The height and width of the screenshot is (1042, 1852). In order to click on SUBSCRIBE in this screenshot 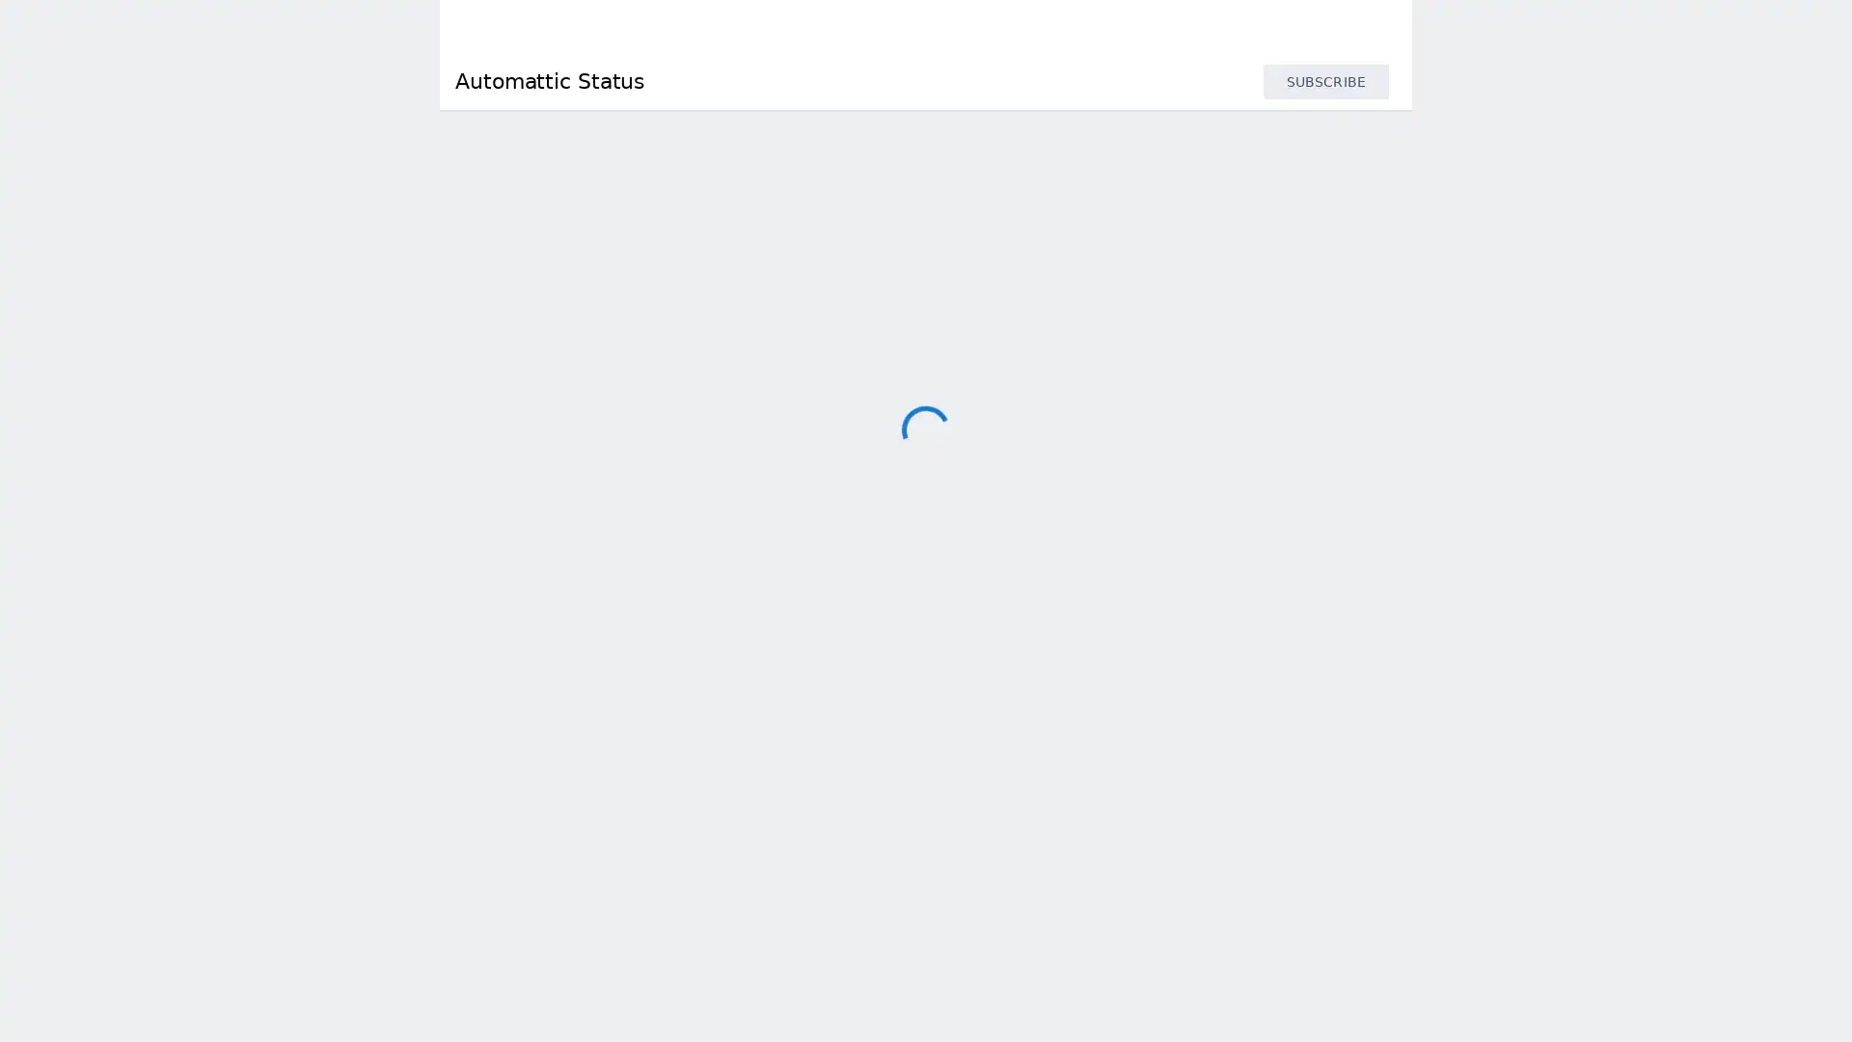, I will do `click(1324, 80)`.